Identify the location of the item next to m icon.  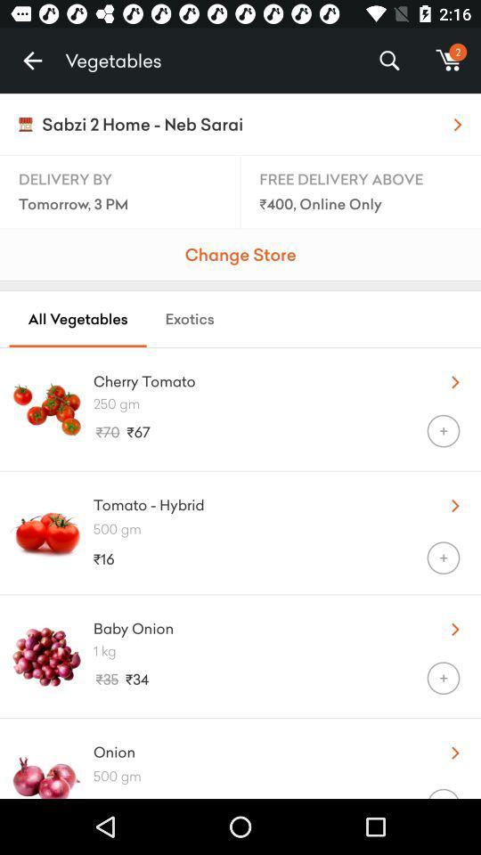
(388, 61).